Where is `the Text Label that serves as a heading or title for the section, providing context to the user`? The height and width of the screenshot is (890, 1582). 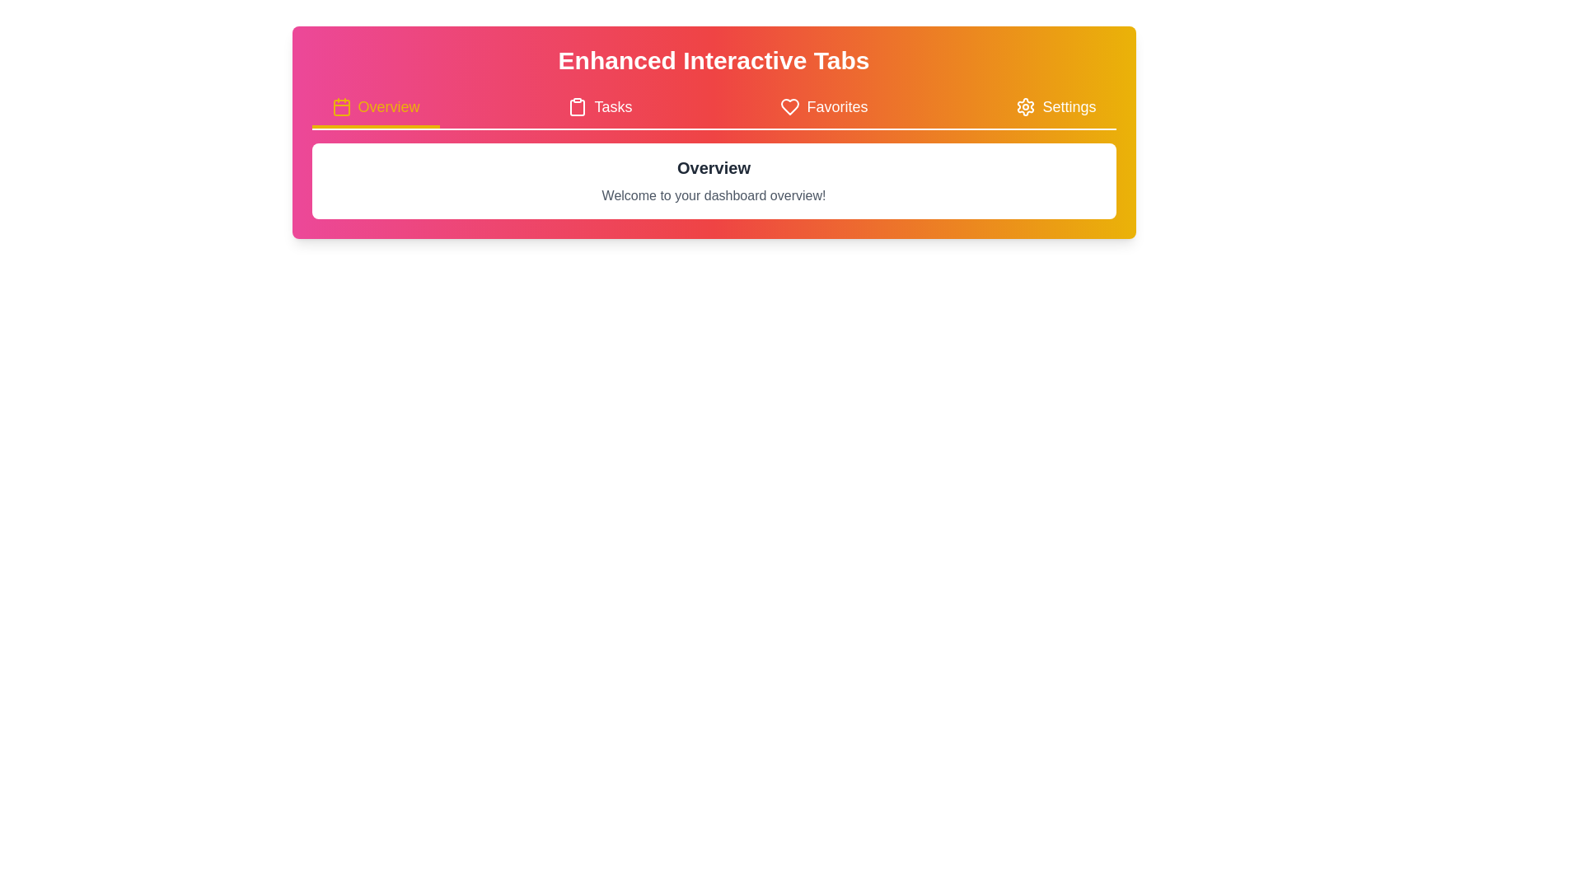 the Text Label that serves as a heading or title for the section, providing context to the user is located at coordinates (714, 168).